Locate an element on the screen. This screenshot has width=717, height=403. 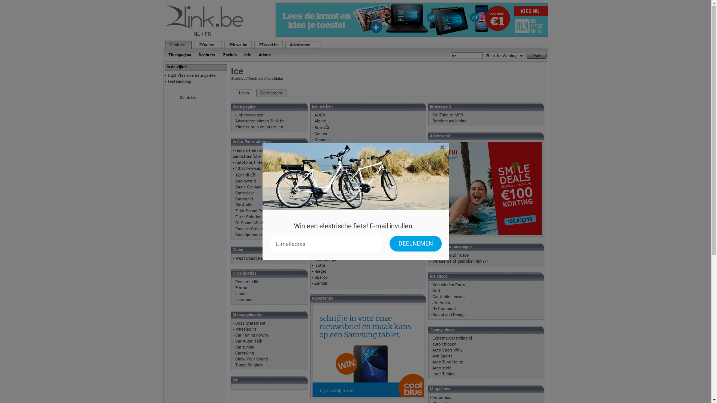
'Isotta' is located at coordinates (320, 265).